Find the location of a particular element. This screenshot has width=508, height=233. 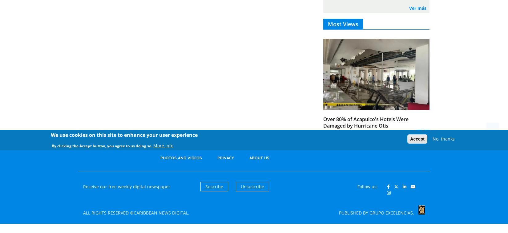

'More info' is located at coordinates (163, 145).